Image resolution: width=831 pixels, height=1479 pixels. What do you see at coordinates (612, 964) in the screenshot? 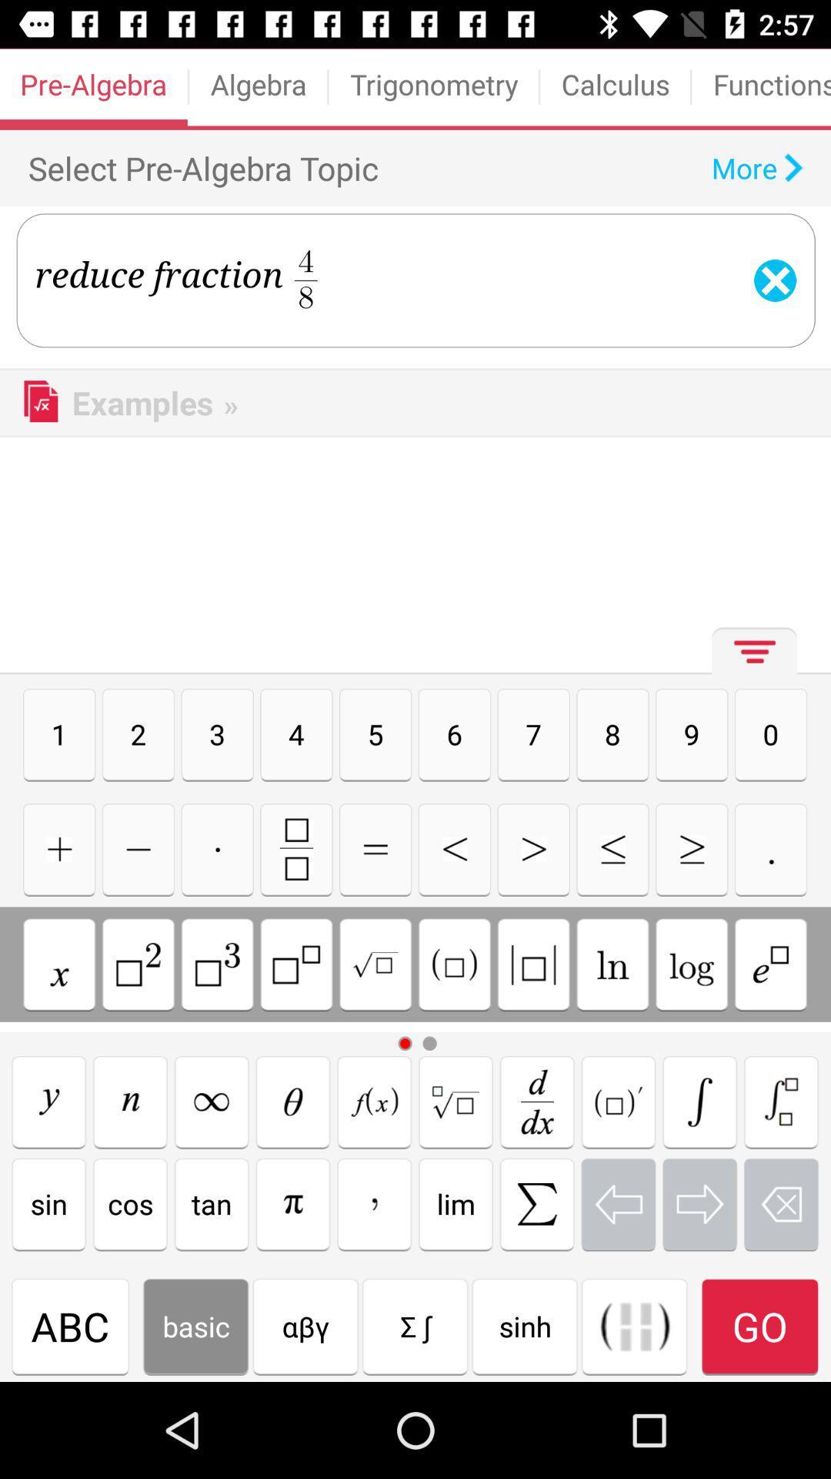
I see `typing button` at bounding box center [612, 964].